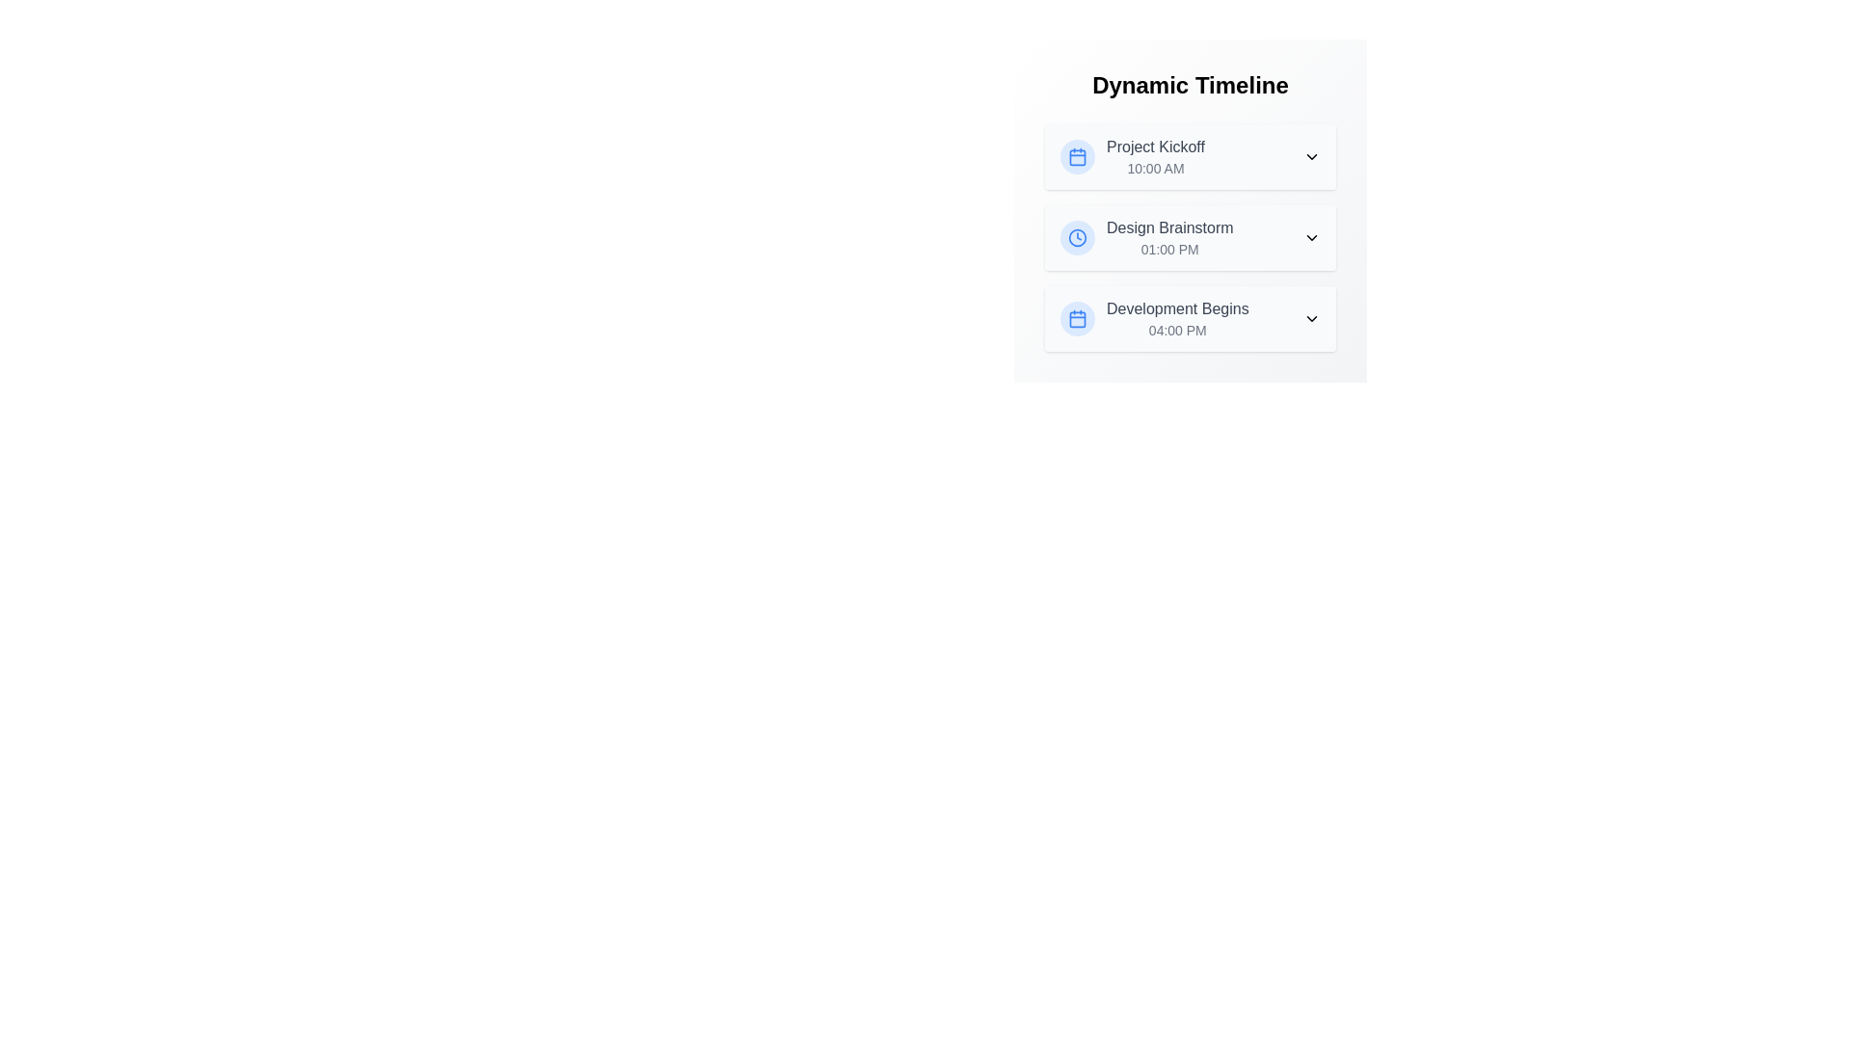  I want to click on the first card-like UI component in the 'Dynamic Timeline' section, which features a blue calendar icon, the text 'Project Kickoff' in bold, and a dropdown caret on the right side, so click(1189, 155).